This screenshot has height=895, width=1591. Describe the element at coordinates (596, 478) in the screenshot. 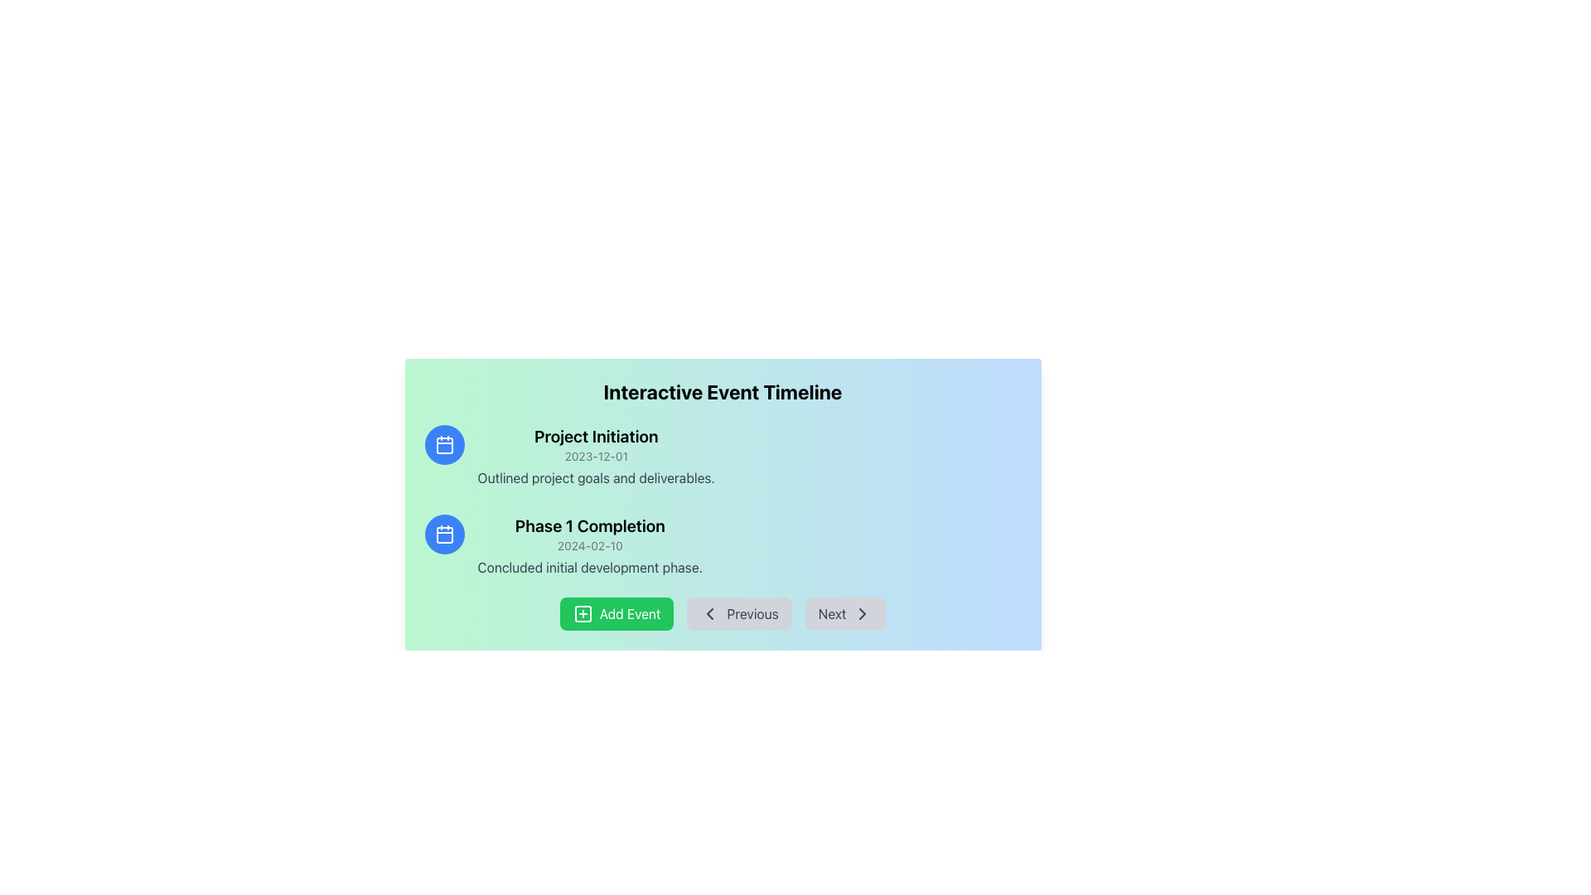

I see `the textual component containing the sentence 'Outlined project goals and deliverables.' which is styled in gray and located below 'Project Initiation' and '2023-12-01'` at that location.